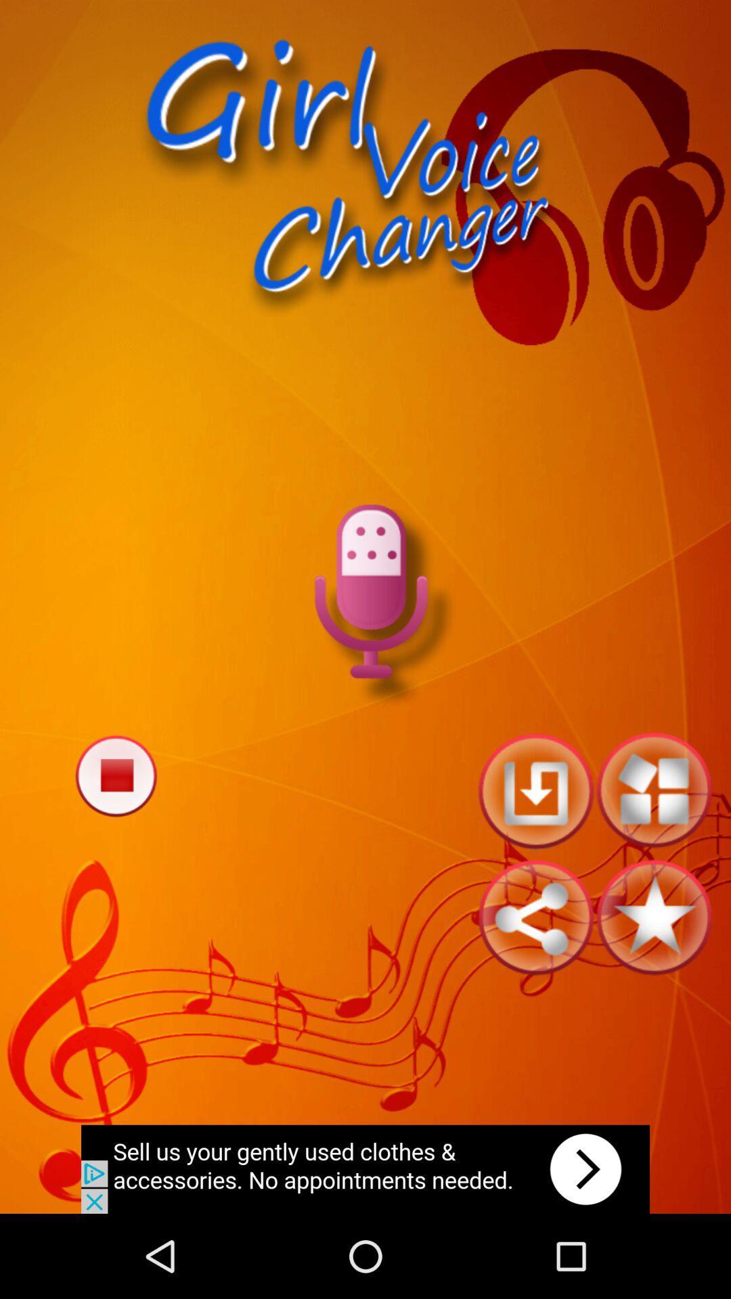 This screenshot has height=1299, width=731. What do you see at coordinates (535, 917) in the screenshot?
I see `share app` at bounding box center [535, 917].